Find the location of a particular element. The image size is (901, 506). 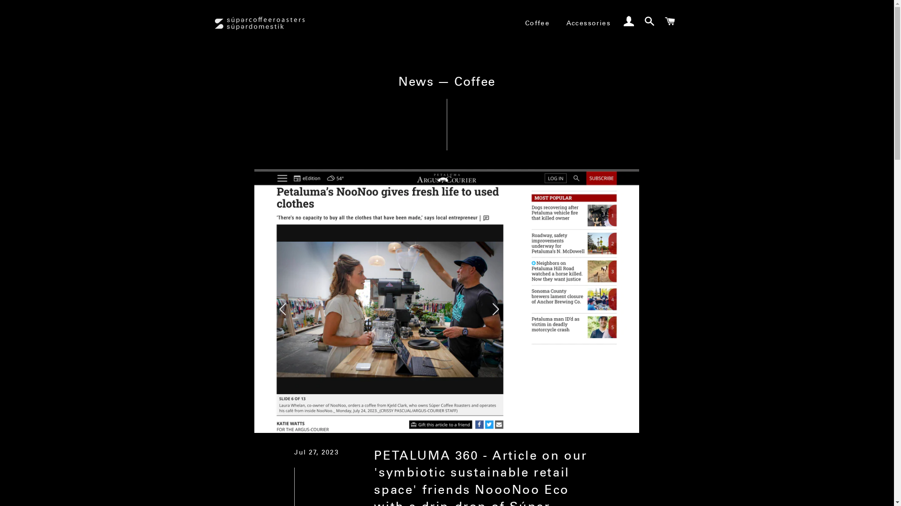

'Log In' is located at coordinates (628, 21).